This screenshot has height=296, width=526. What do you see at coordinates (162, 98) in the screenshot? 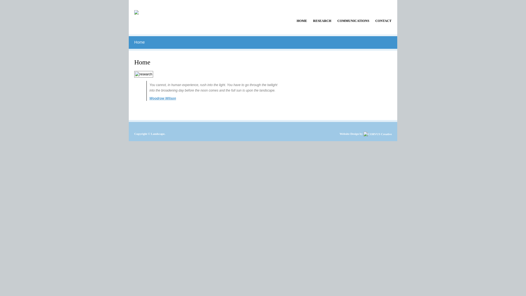
I see `'Woodrow Wilson'` at bounding box center [162, 98].